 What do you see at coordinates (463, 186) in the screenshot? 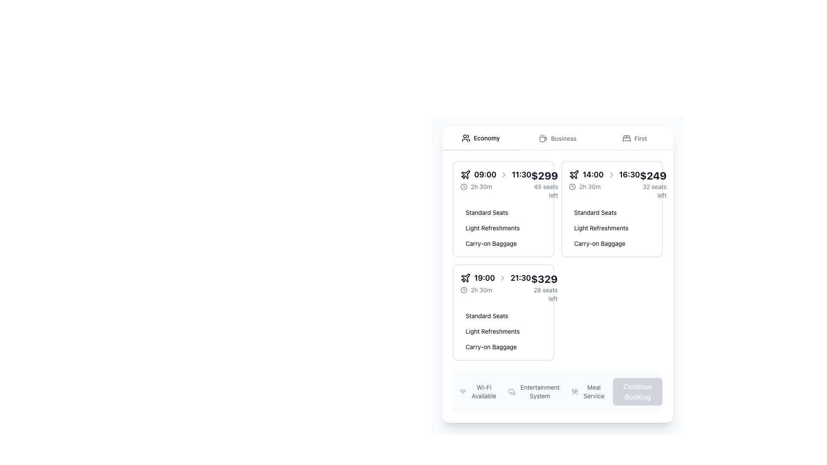
I see `the compact circular clock icon located in the leftmost ticket option, which is positioned directly before the '2h 30m' text indicating flight duration` at bounding box center [463, 186].